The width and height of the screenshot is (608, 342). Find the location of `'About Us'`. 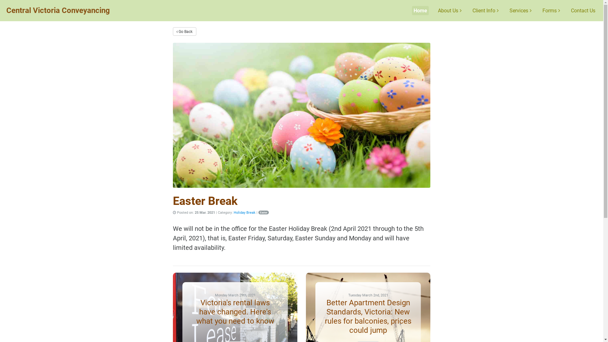

'About Us' is located at coordinates (449, 10).